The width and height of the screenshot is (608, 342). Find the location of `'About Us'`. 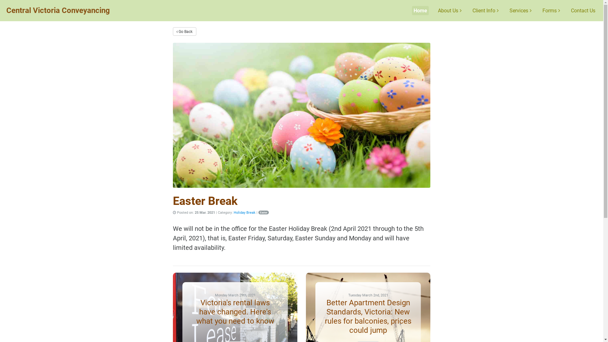

'About Us' is located at coordinates (449, 10).